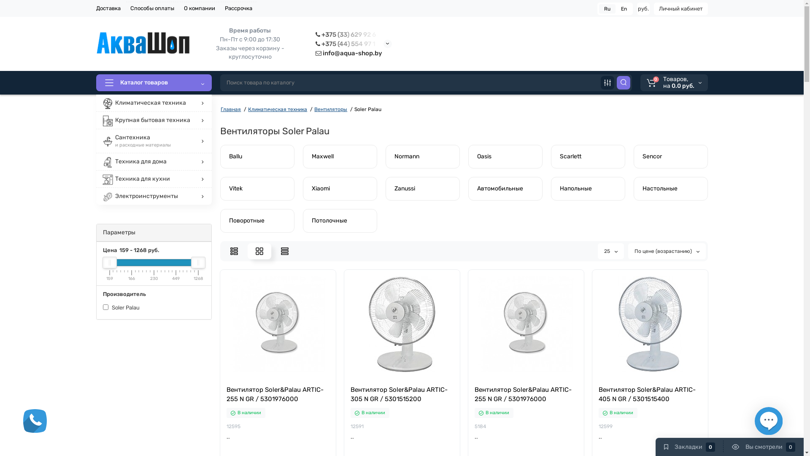  I want to click on '25', so click(610, 250).